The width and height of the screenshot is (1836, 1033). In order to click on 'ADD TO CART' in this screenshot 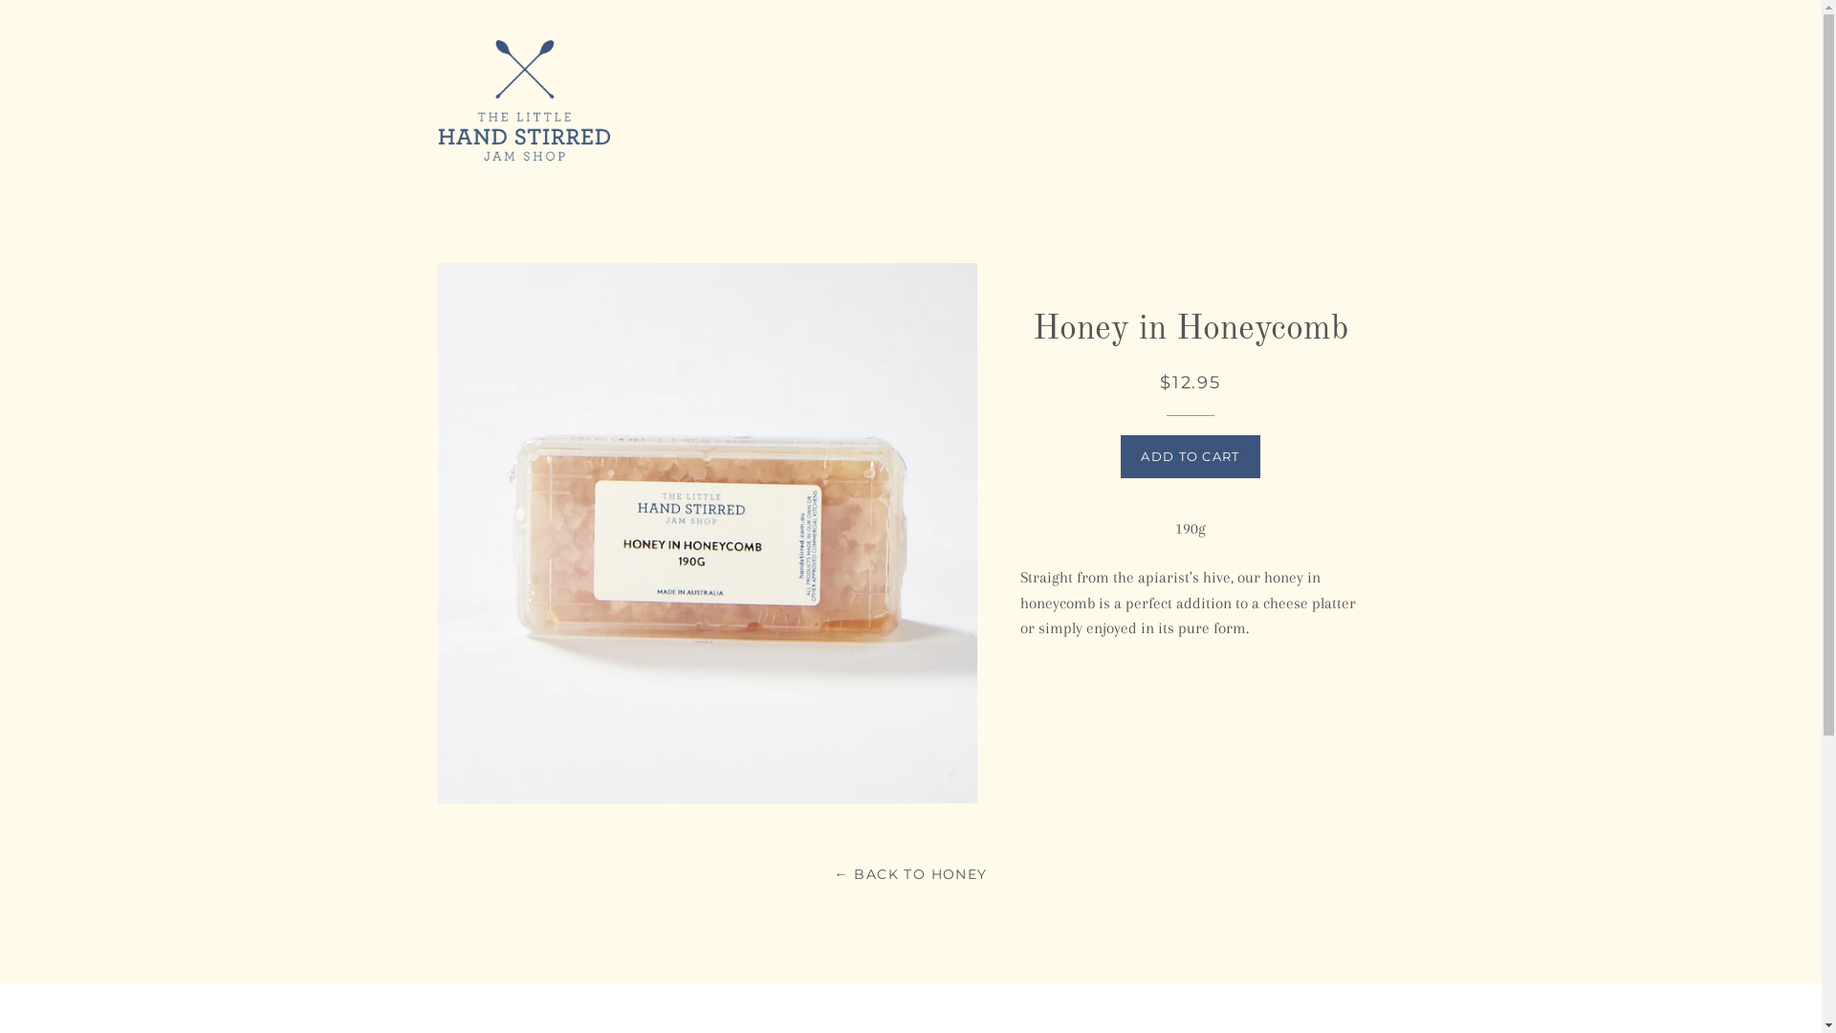, I will do `click(1189, 456)`.